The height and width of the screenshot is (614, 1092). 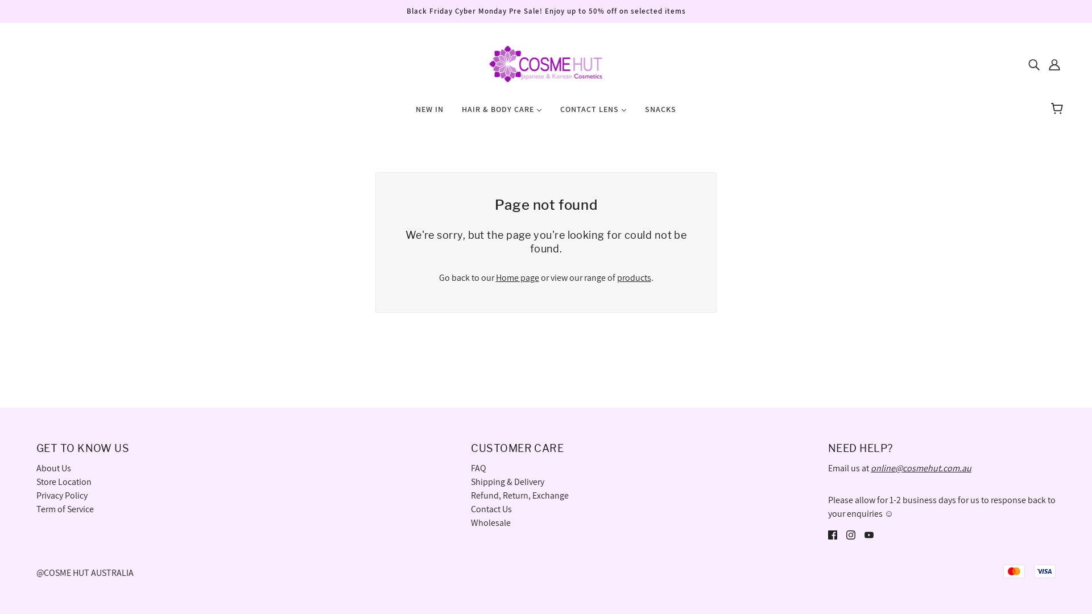 I want to click on 'HAIR & BODY CARE', so click(x=501, y=114).